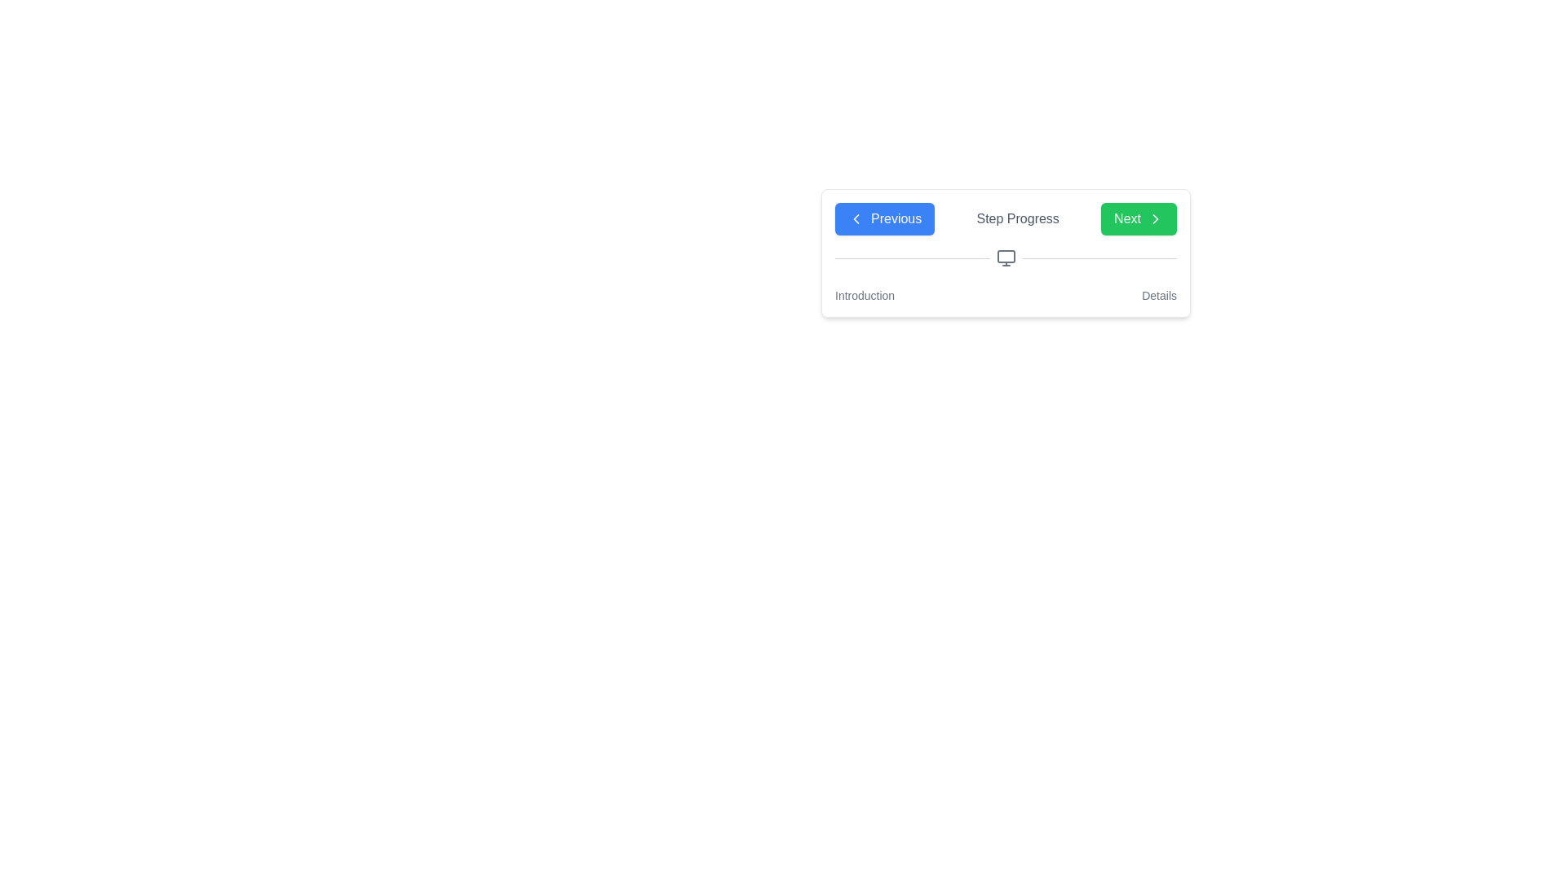 The height and width of the screenshot is (880, 1566). What do you see at coordinates (1154, 218) in the screenshot?
I see `the navigation icon located inside the green 'Next' button at the top right of the progress navigation bar` at bounding box center [1154, 218].